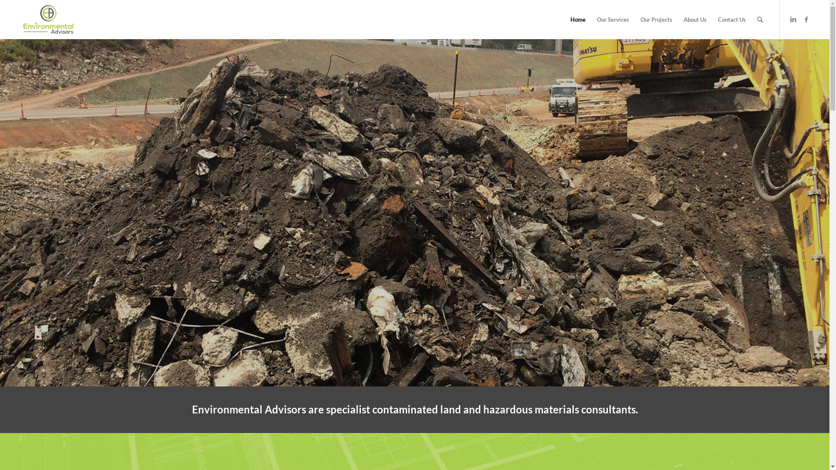  What do you see at coordinates (612, 20) in the screenshot?
I see `'Our Services'` at bounding box center [612, 20].